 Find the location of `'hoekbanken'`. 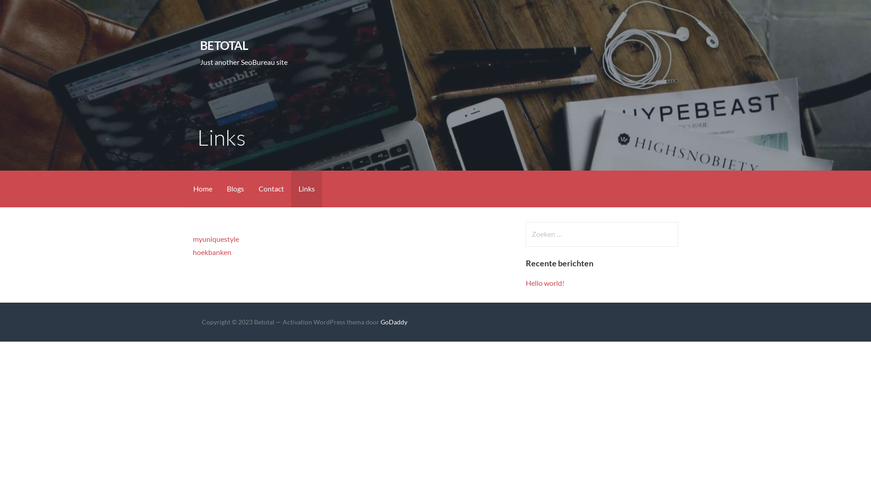

'hoekbanken' is located at coordinates (211, 252).